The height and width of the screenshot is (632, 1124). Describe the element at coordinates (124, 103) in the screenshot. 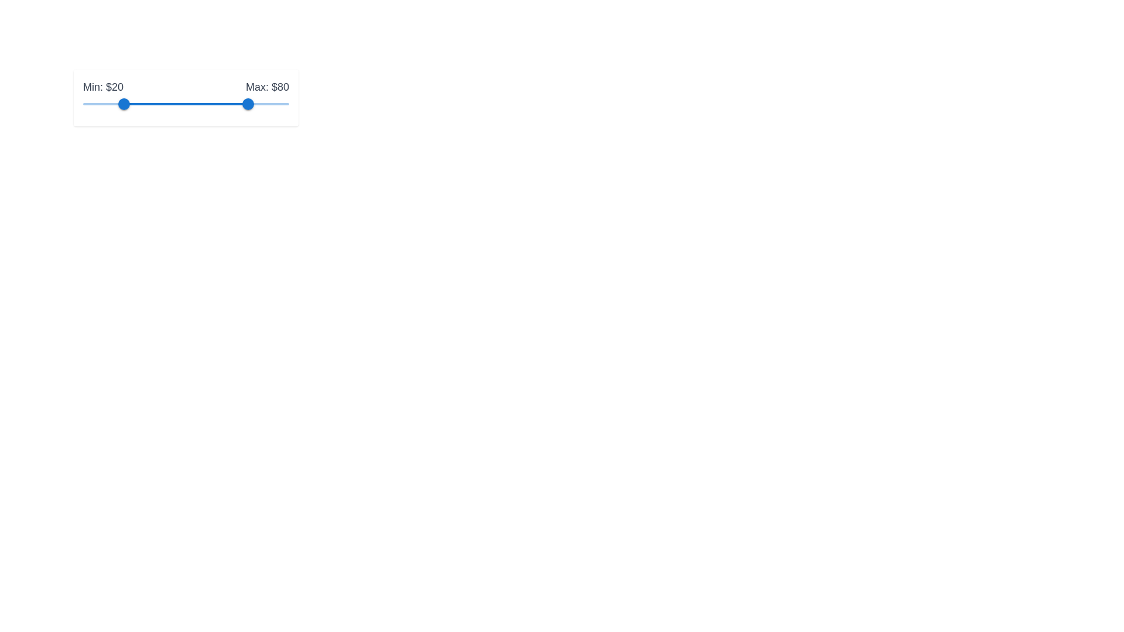

I see `the first handle of the horizontal slider` at that location.